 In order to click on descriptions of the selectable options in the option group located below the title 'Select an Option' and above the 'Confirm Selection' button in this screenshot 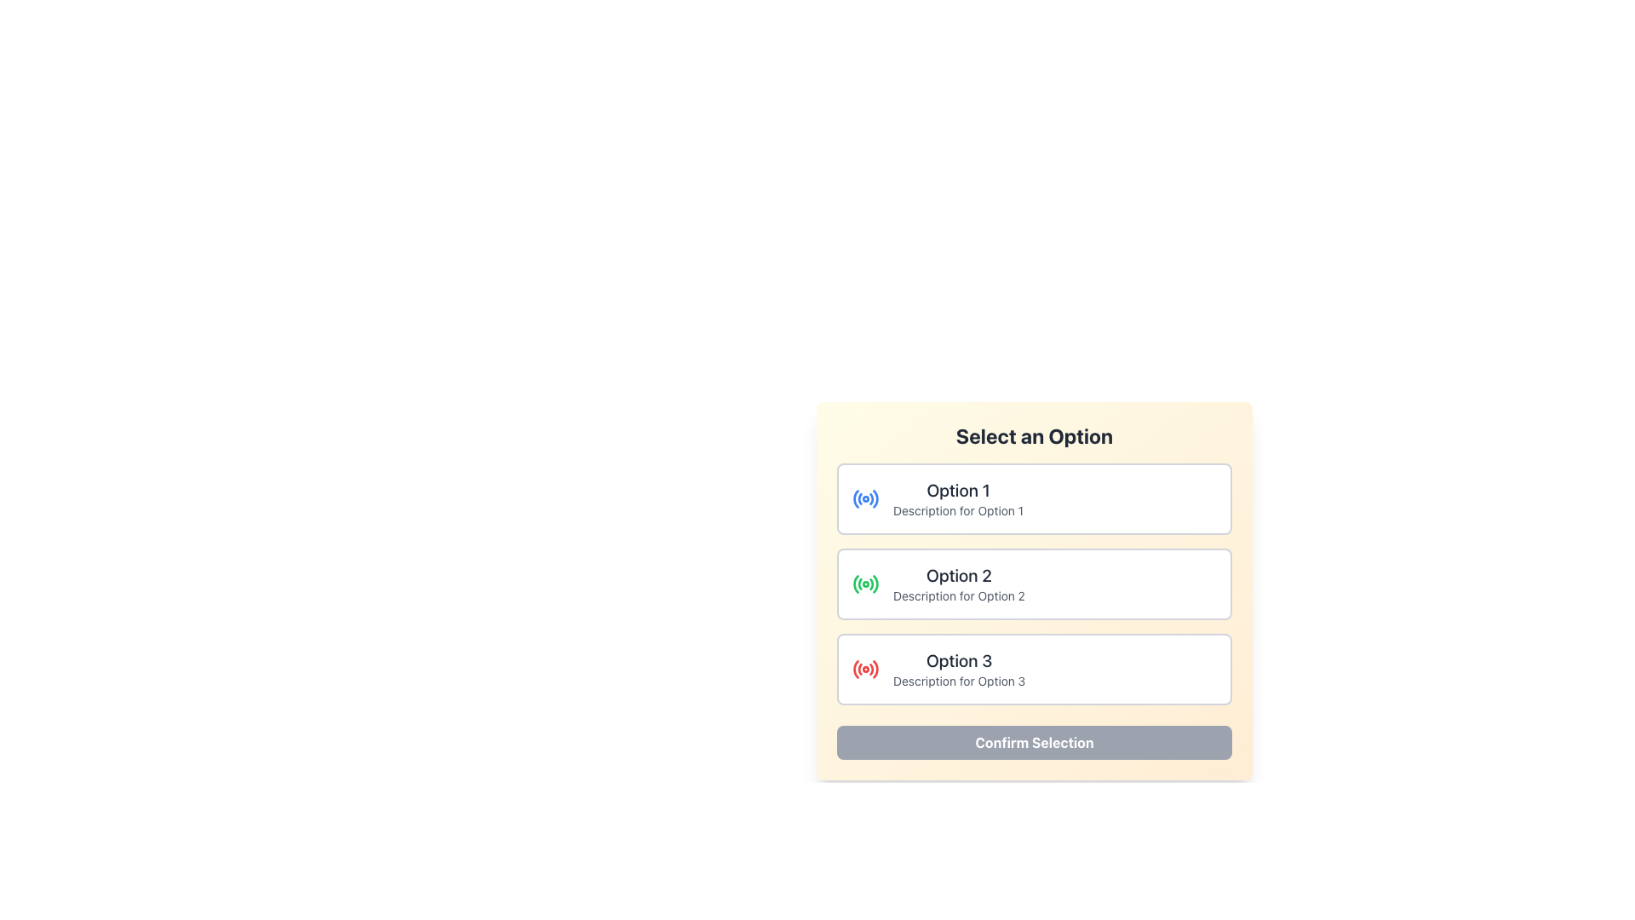, I will do `click(1033, 584)`.